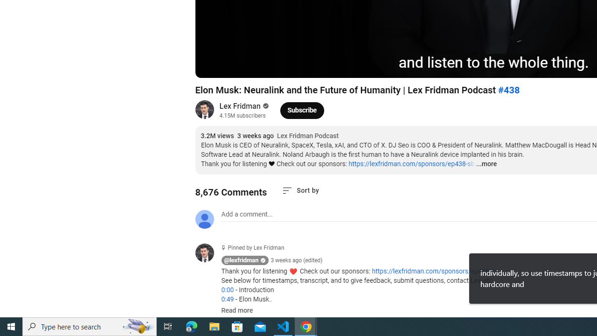  Describe the element at coordinates (411, 163) in the screenshot. I see `'https://lexfridman.com/sponsors/ep438-sb'` at that location.